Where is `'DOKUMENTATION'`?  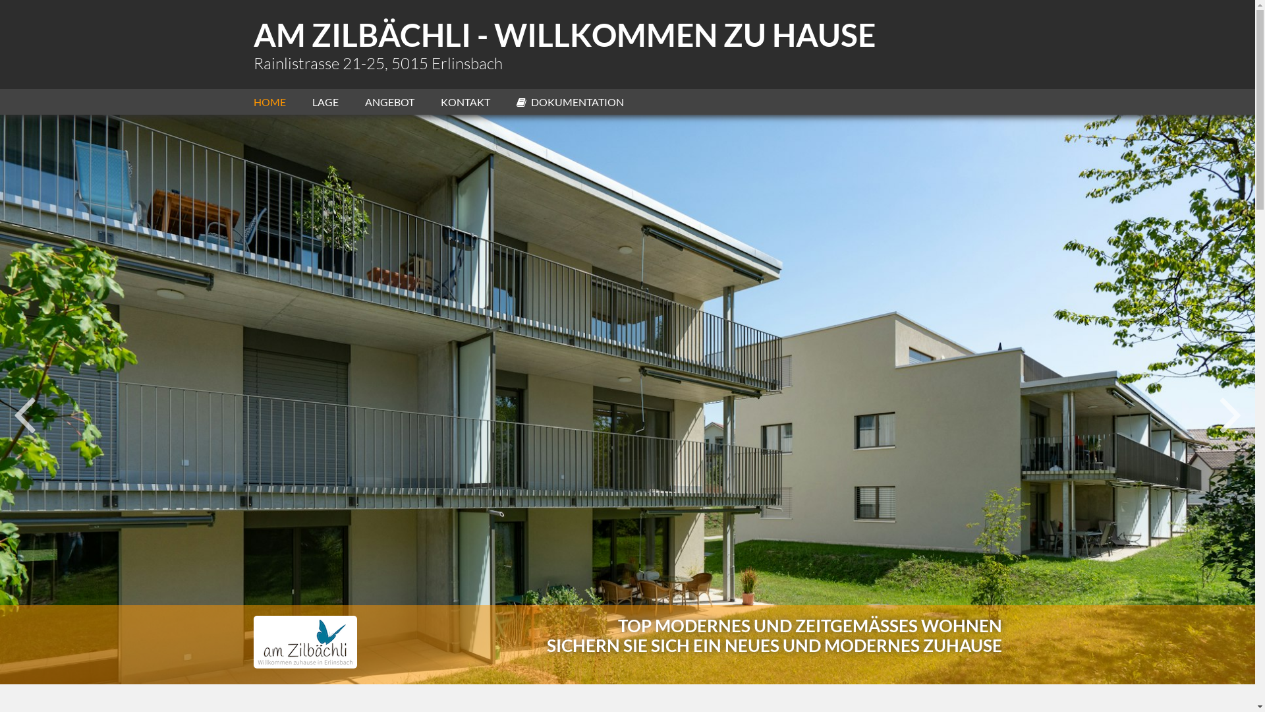 'DOKUMENTATION' is located at coordinates (582, 101).